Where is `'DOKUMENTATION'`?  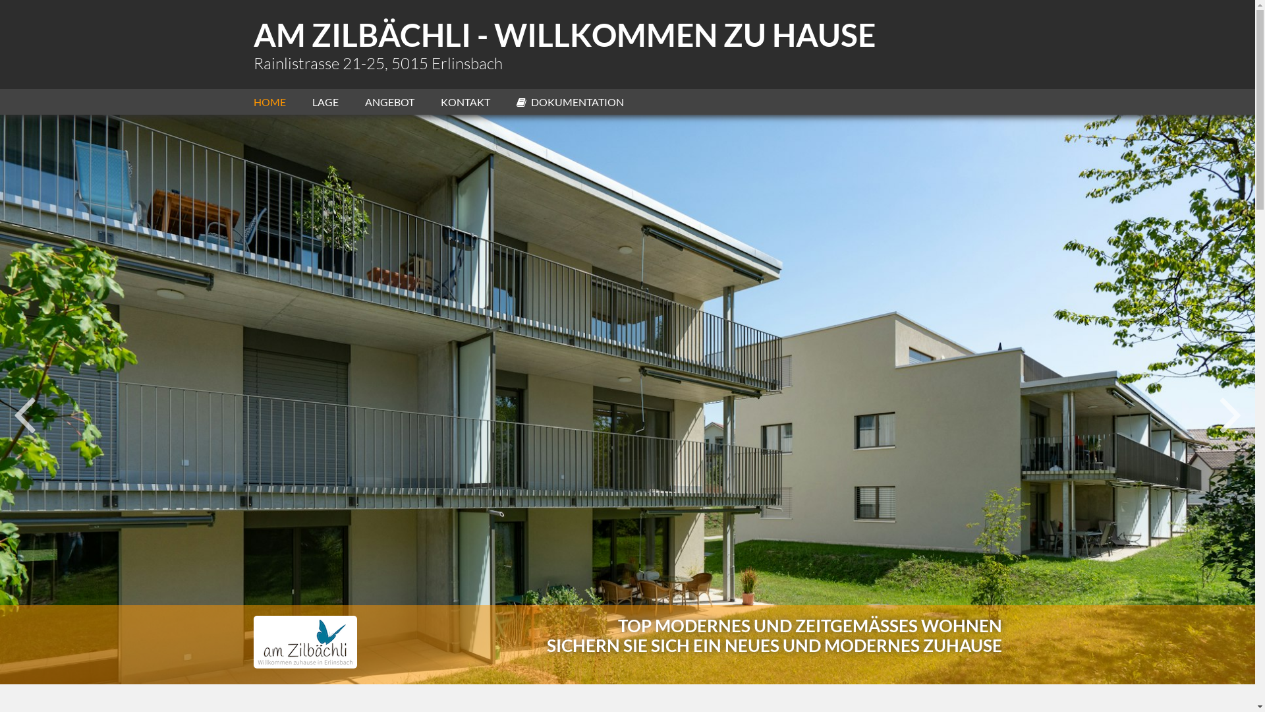 'DOKUMENTATION' is located at coordinates (582, 101).